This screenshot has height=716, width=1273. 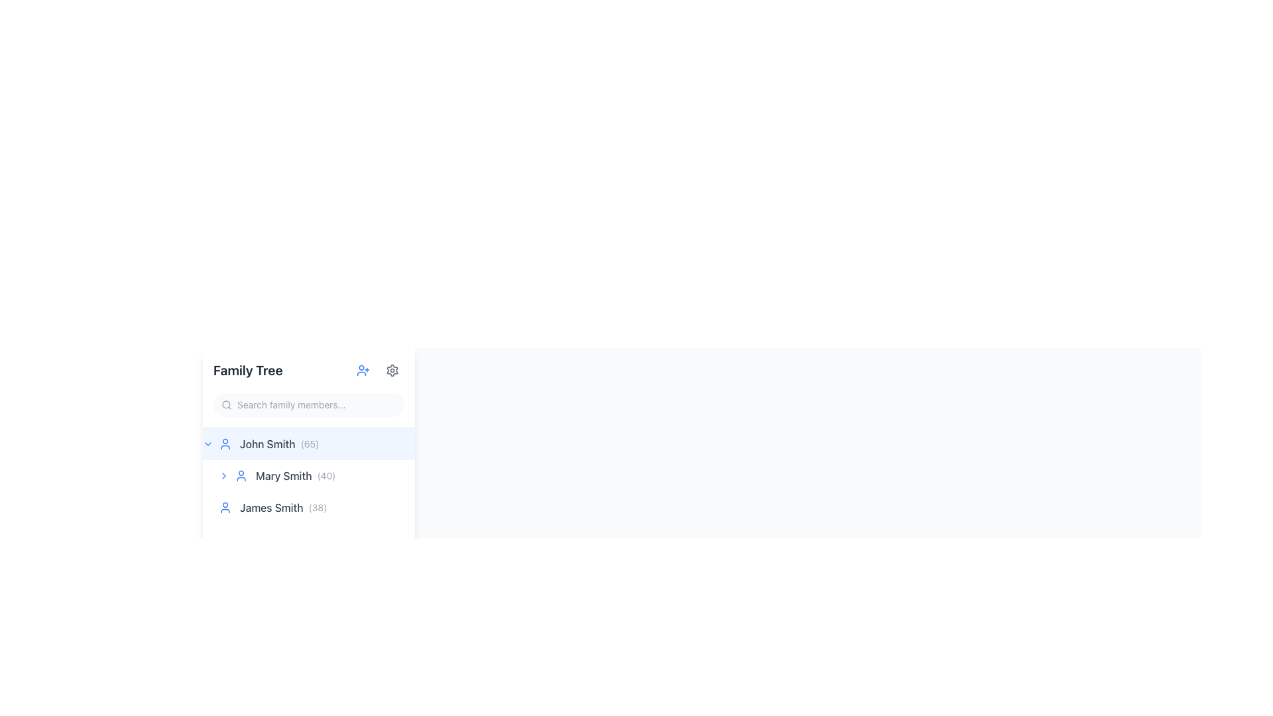 What do you see at coordinates (391, 371) in the screenshot?
I see `the settings button represented by a gray cogwheel icon located` at bounding box center [391, 371].